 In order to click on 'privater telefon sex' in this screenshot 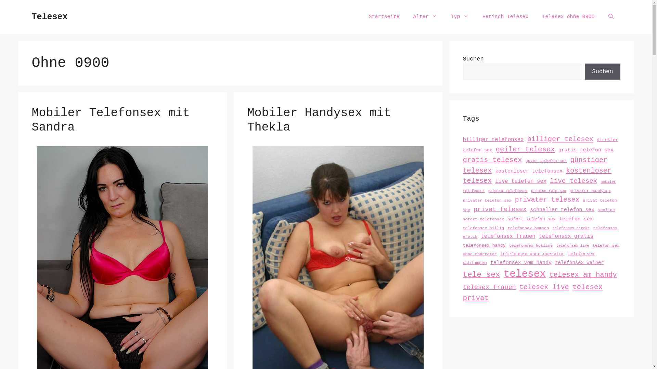, I will do `click(486, 200)`.